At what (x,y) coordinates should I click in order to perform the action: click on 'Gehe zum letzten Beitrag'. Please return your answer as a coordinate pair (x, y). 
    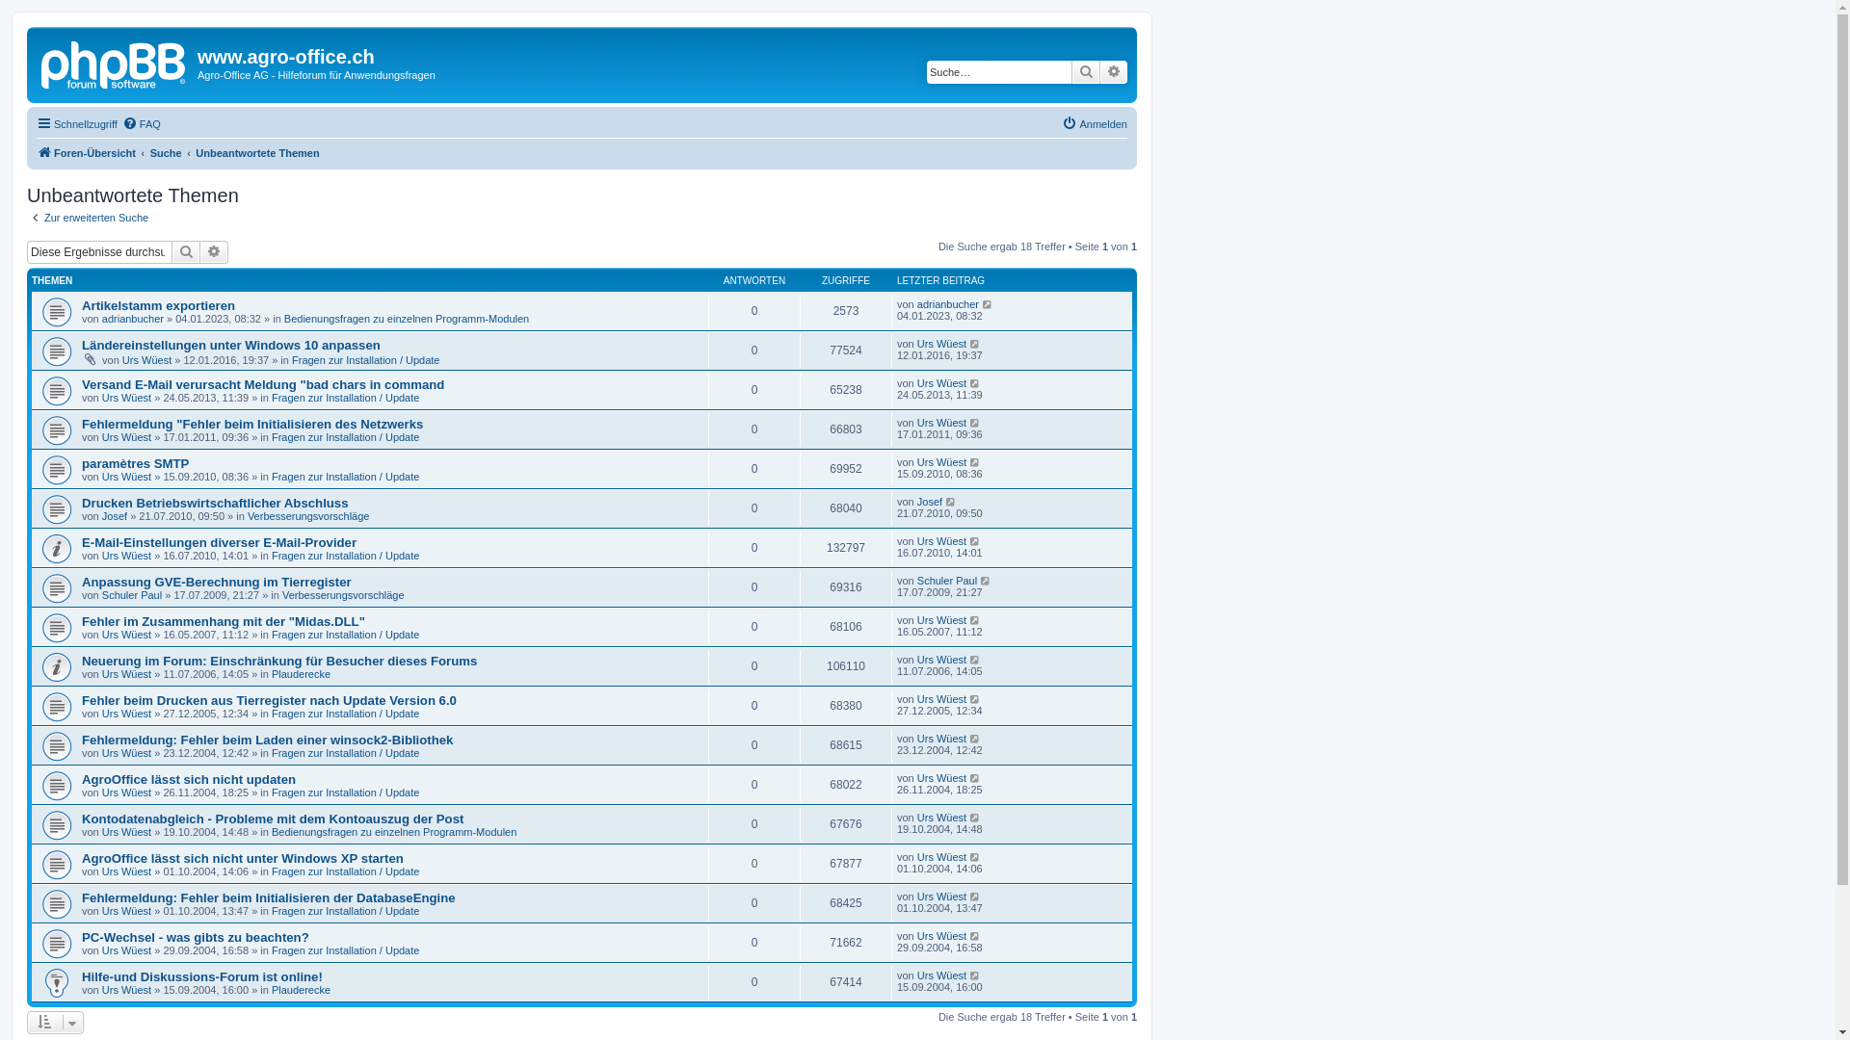
    Looking at the image, I should click on (975, 896).